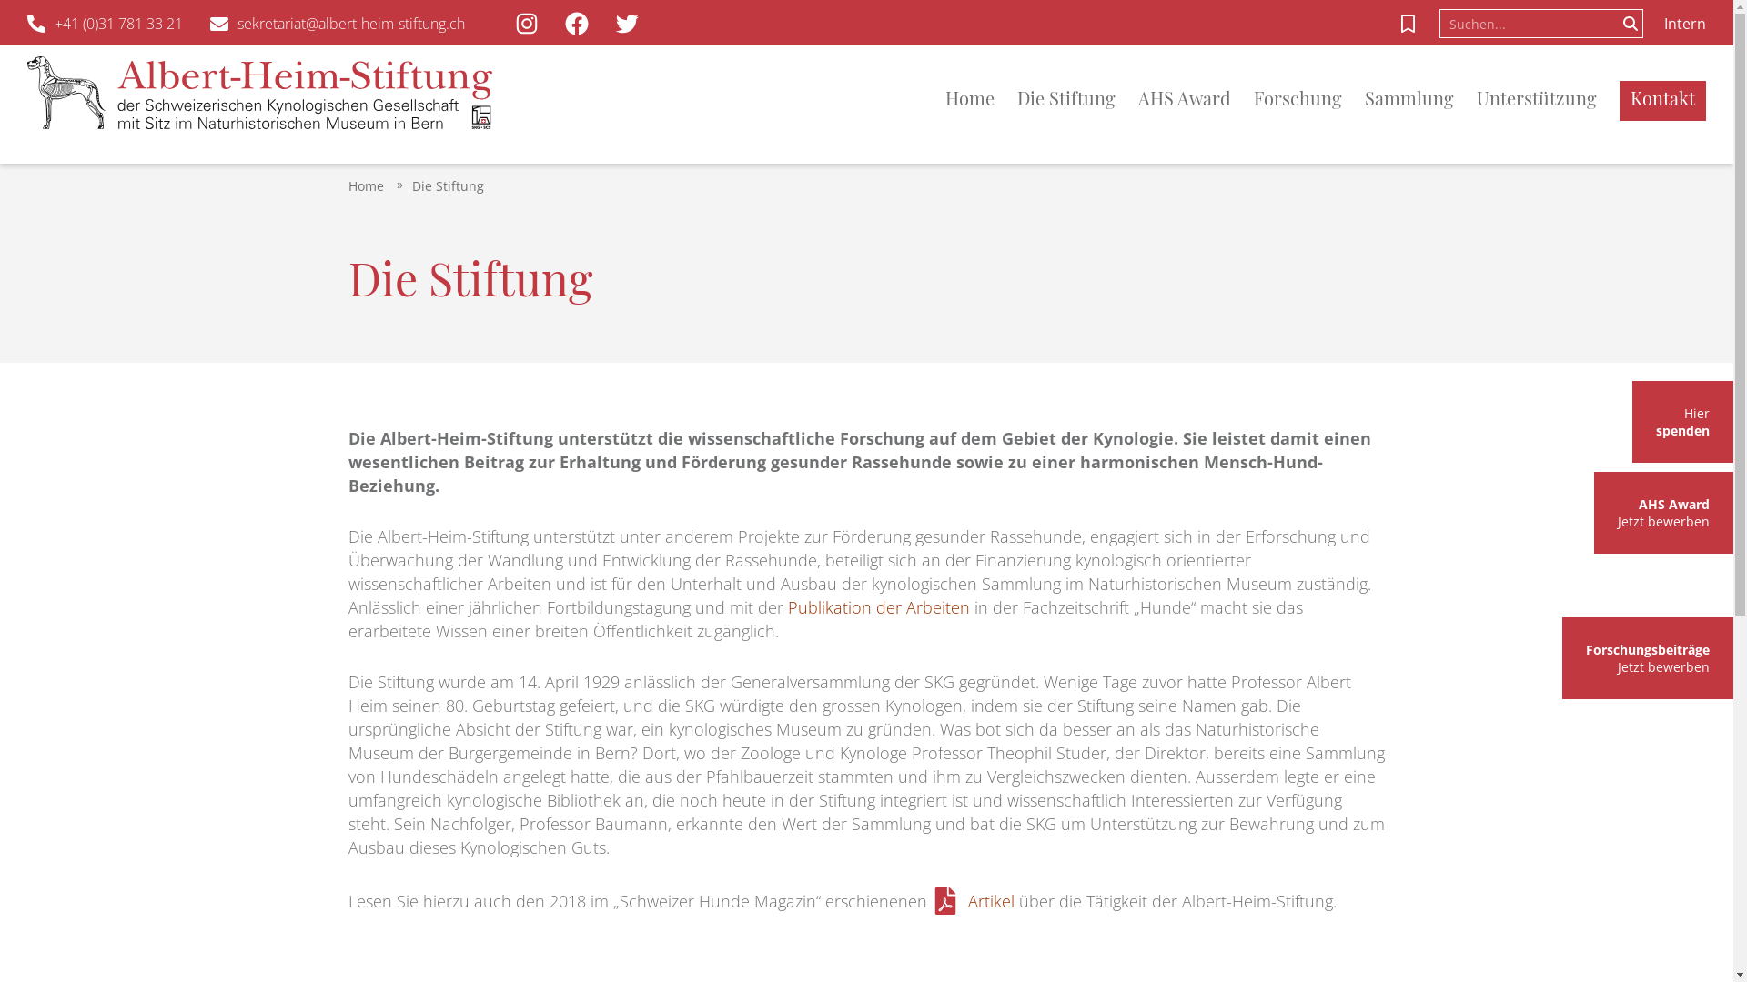  I want to click on 'Hier, so click(1681, 421).